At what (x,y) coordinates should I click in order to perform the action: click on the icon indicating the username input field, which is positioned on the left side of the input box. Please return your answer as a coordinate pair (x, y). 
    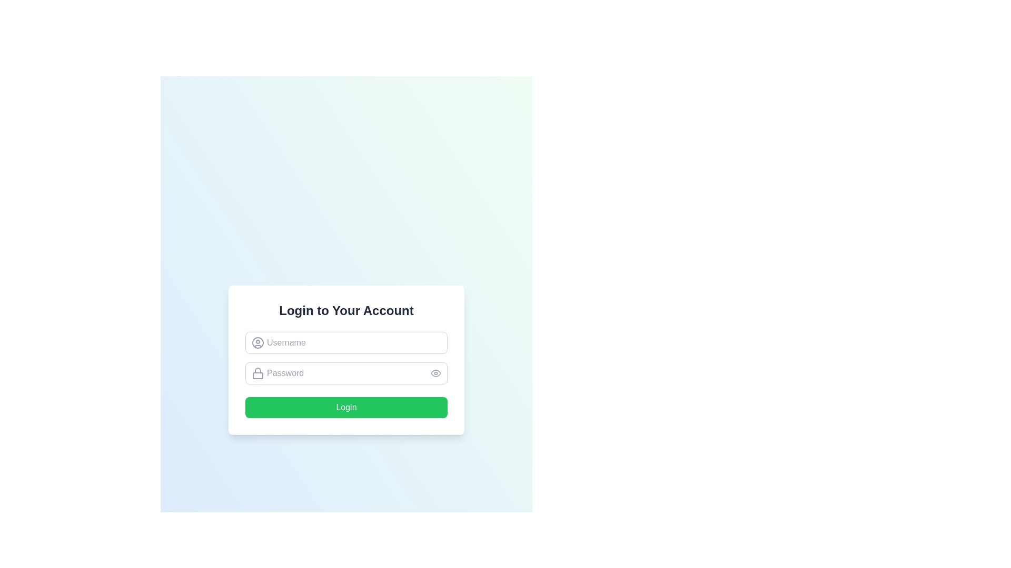
    Looking at the image, I should click on (257, 342).